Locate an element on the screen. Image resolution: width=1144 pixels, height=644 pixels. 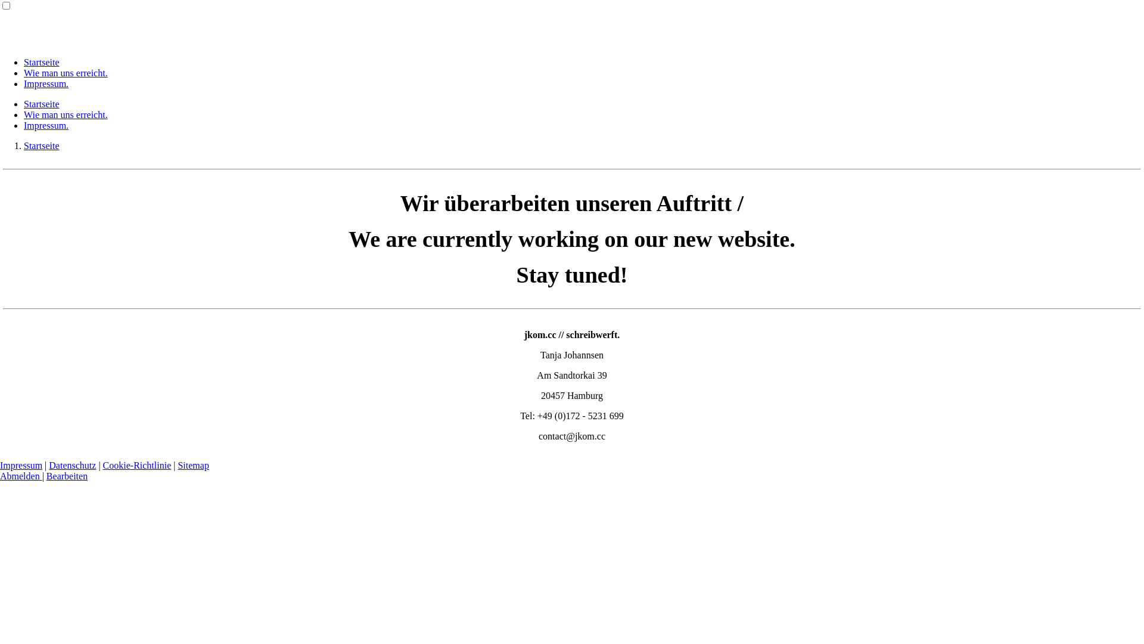
'Impressum.' is located at coordinates (23, 83).